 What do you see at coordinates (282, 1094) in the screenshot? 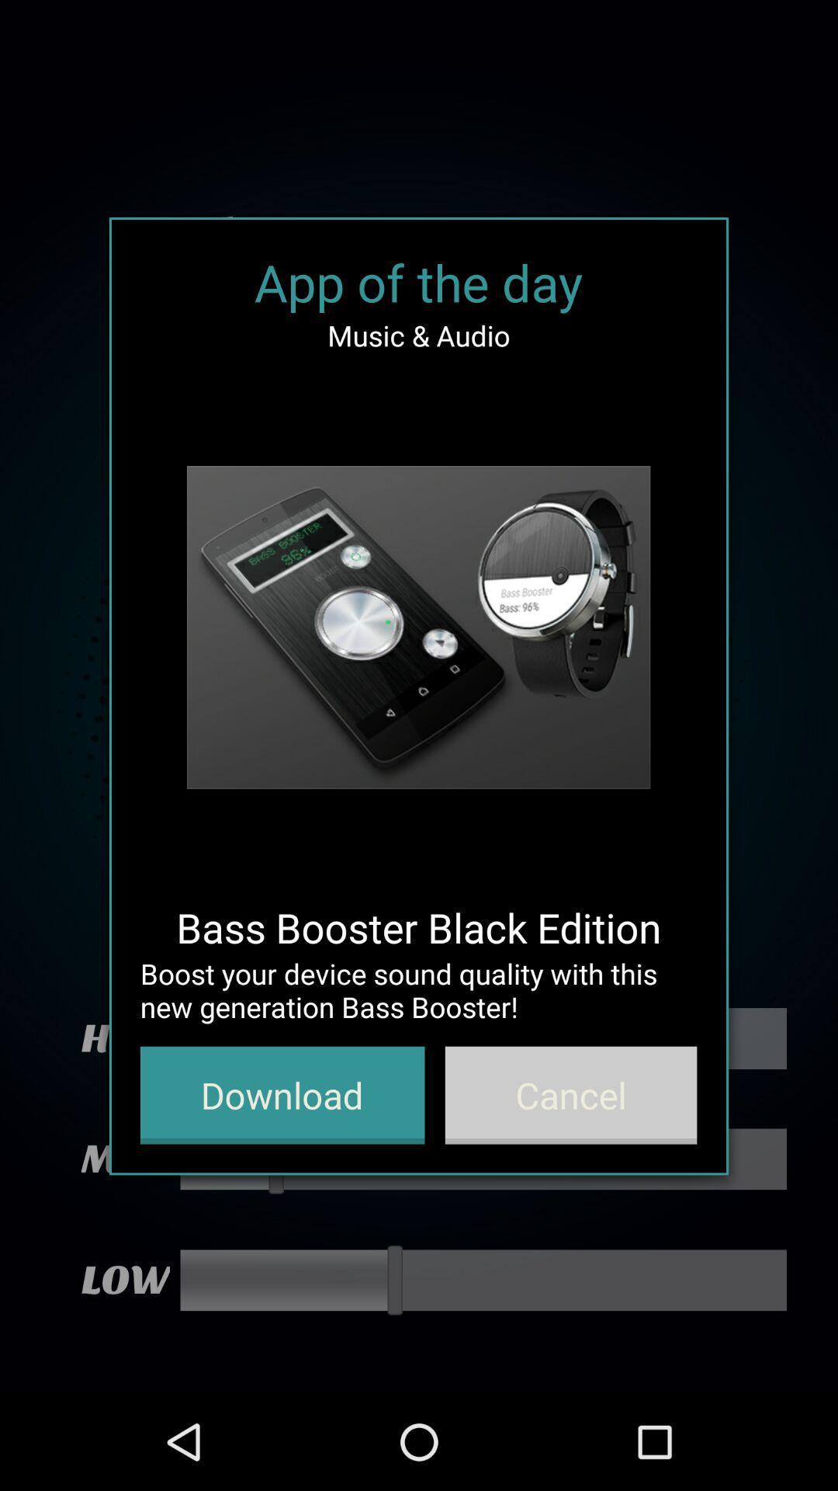
I see `app below the boost your device` at bounding box center [282, 1094].